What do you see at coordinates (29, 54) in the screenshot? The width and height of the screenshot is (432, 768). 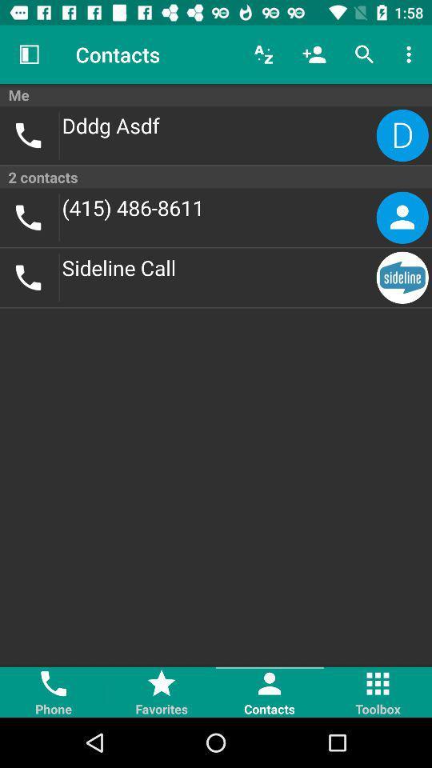 I see `the icon to the left of the contacts icon` at bounding box center [29, 54].